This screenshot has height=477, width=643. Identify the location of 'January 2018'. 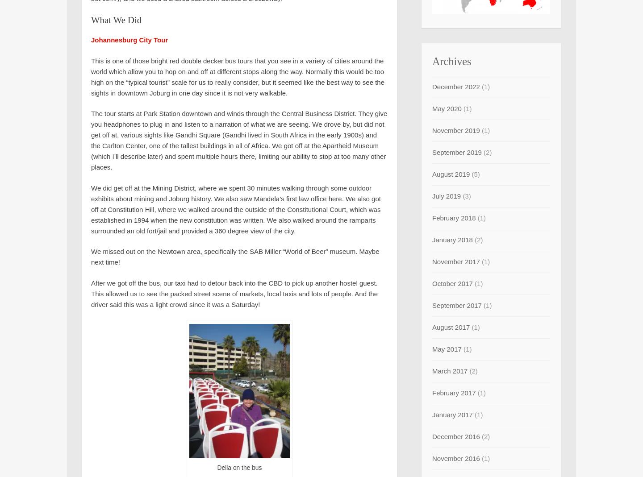
(452, 240).